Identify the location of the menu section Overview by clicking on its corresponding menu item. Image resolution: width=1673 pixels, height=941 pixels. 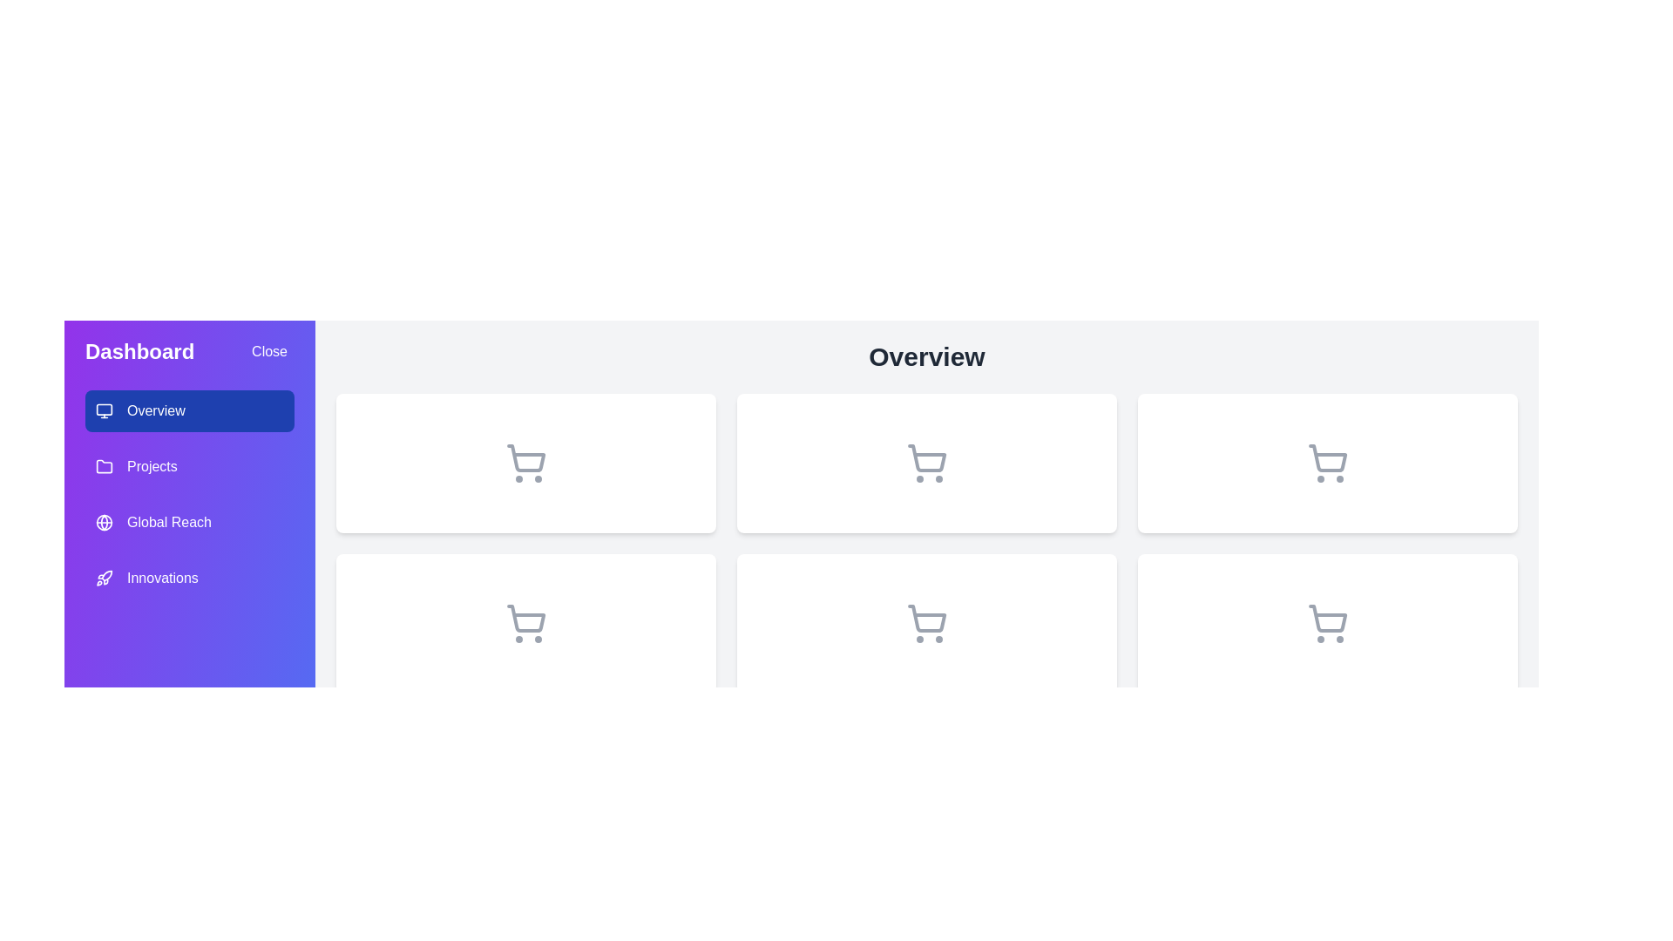
(189, 410).